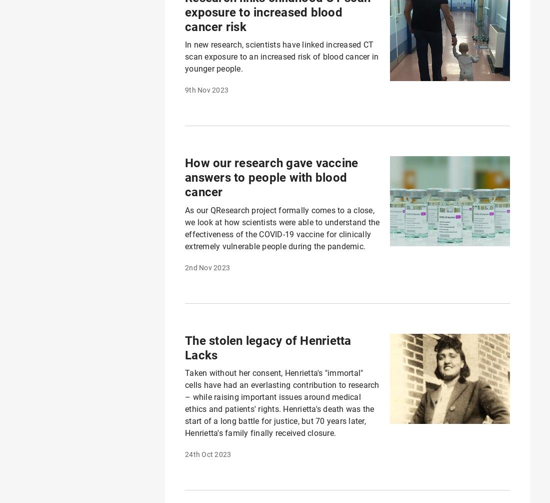  I want to click on '7th Sep 2023', so click(206, 31).